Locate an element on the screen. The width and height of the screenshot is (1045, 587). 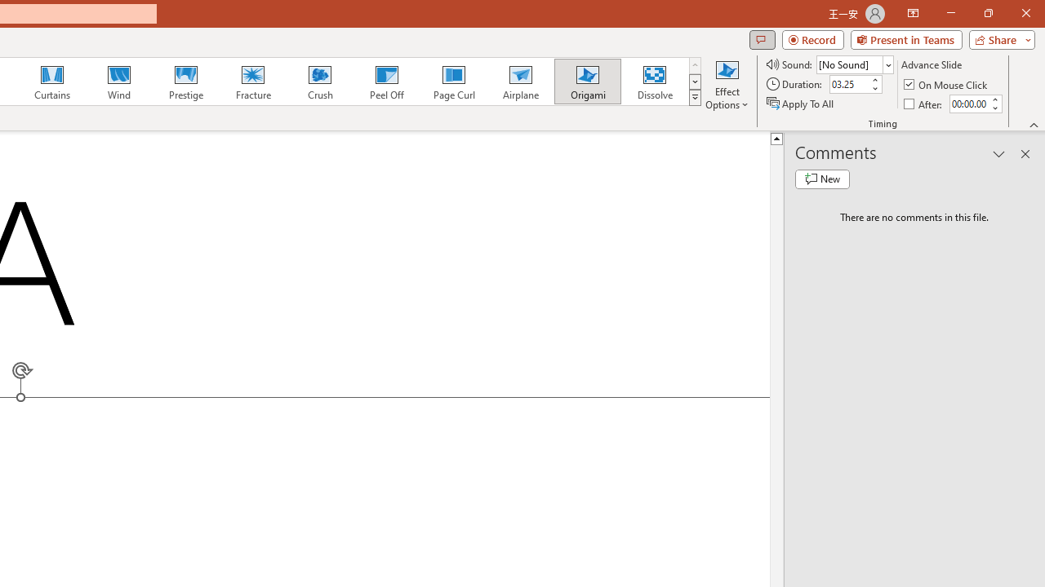
'Page Curl' is located at coordinates (453, 82).